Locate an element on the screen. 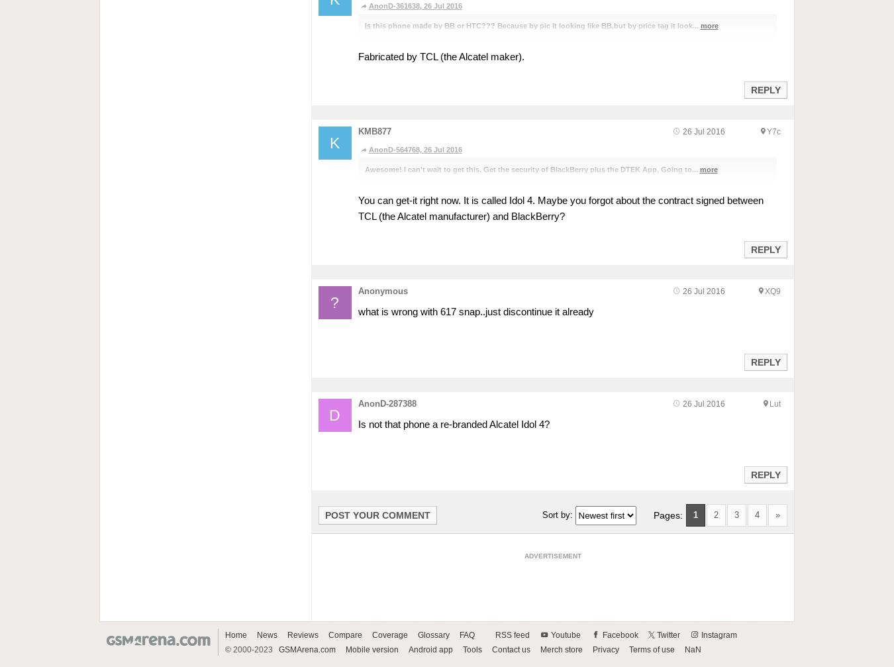 Image resolution: width=894 pixels, height=667 pixels. 'Contact us' is located at coordinates (509, 648).